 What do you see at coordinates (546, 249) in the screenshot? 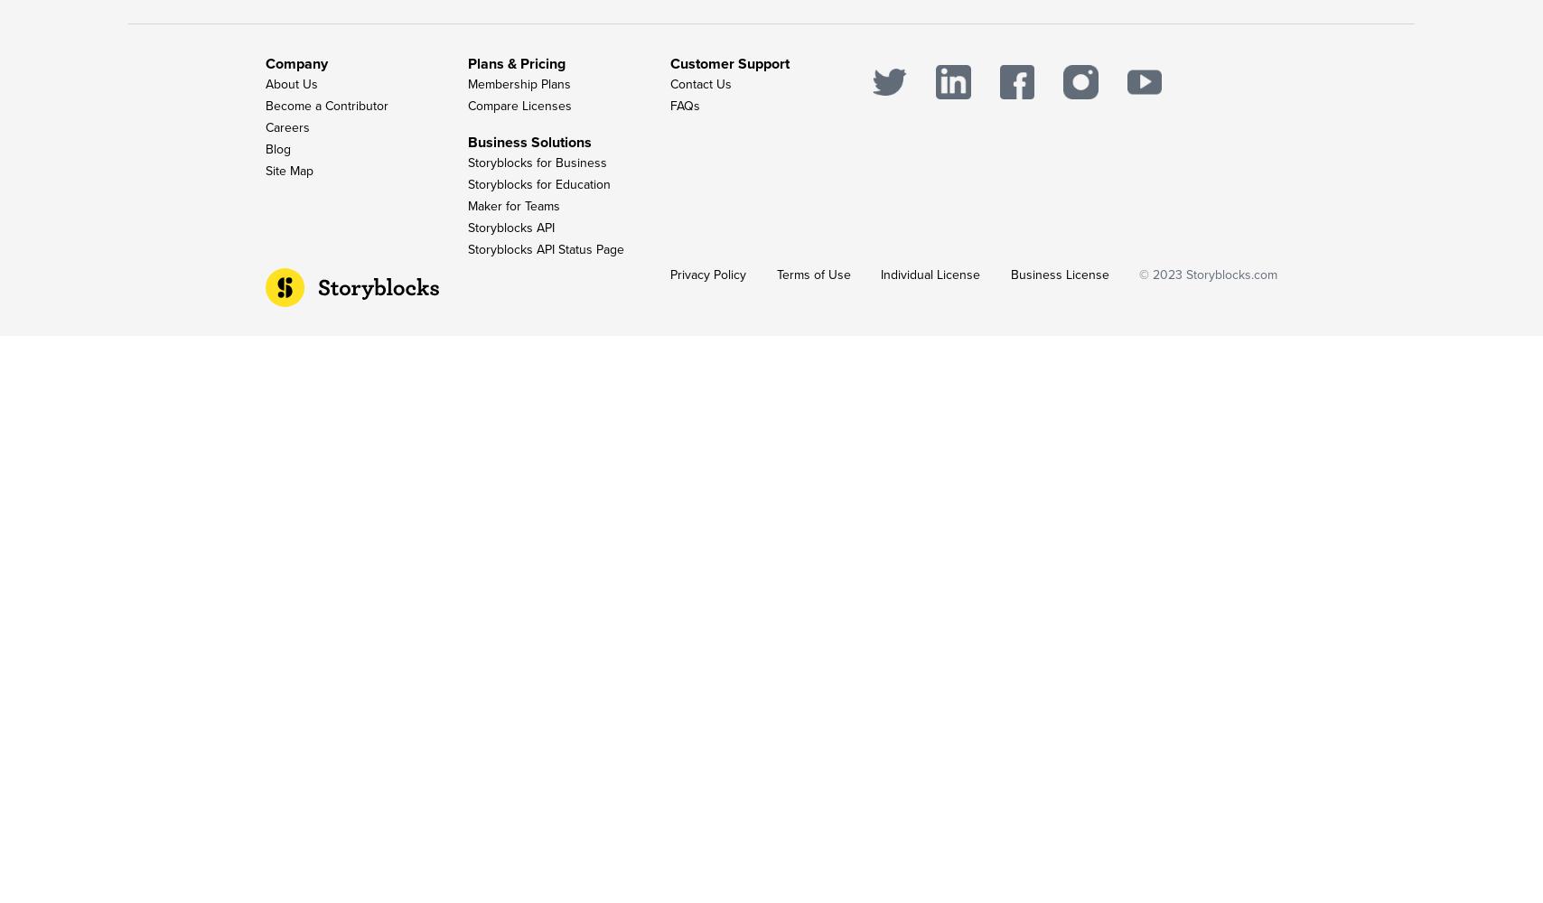
I see `'Storyblocks API Status Page'` at bounding box center [546, 249].